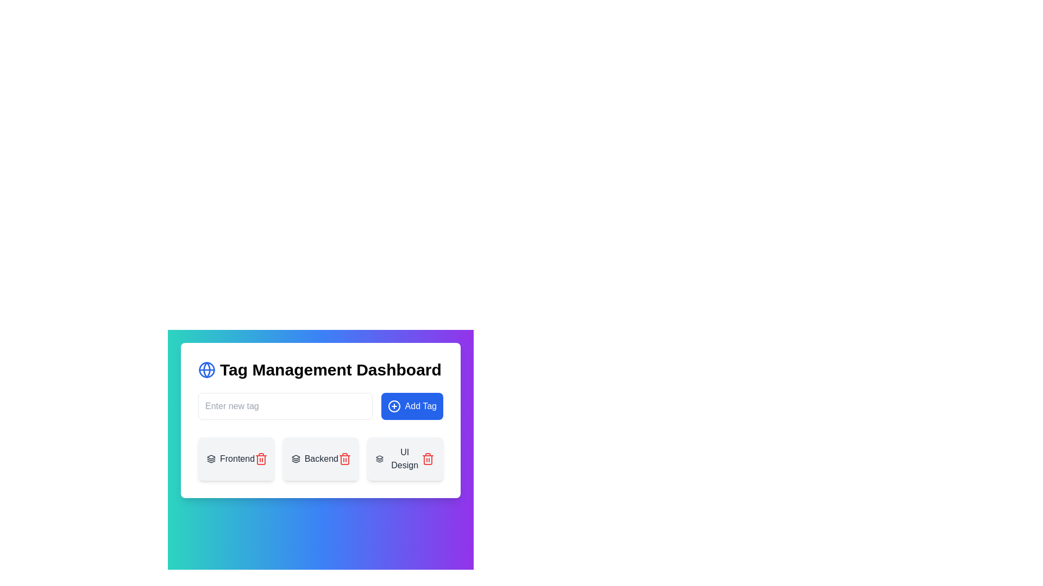 This screenshot has width=1043, height=586. Describe the element at coordinates (206, 370) in the screenshot. I see `the decorative icon located in the top-left corner of the 'Tag Management Dashboard' section, adjacent to its heading` at that location.